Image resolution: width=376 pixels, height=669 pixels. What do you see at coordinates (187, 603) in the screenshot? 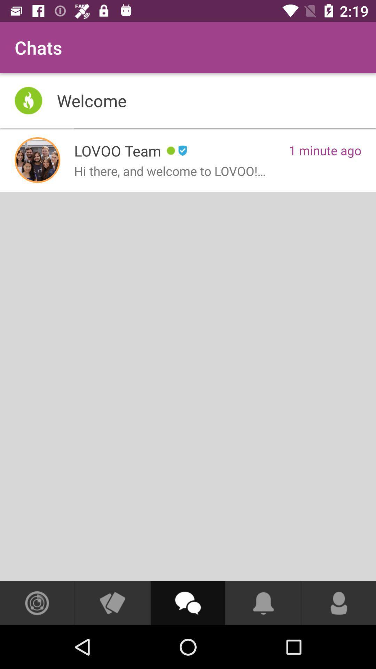
I see `start chat` at bounding box center [187, 603].